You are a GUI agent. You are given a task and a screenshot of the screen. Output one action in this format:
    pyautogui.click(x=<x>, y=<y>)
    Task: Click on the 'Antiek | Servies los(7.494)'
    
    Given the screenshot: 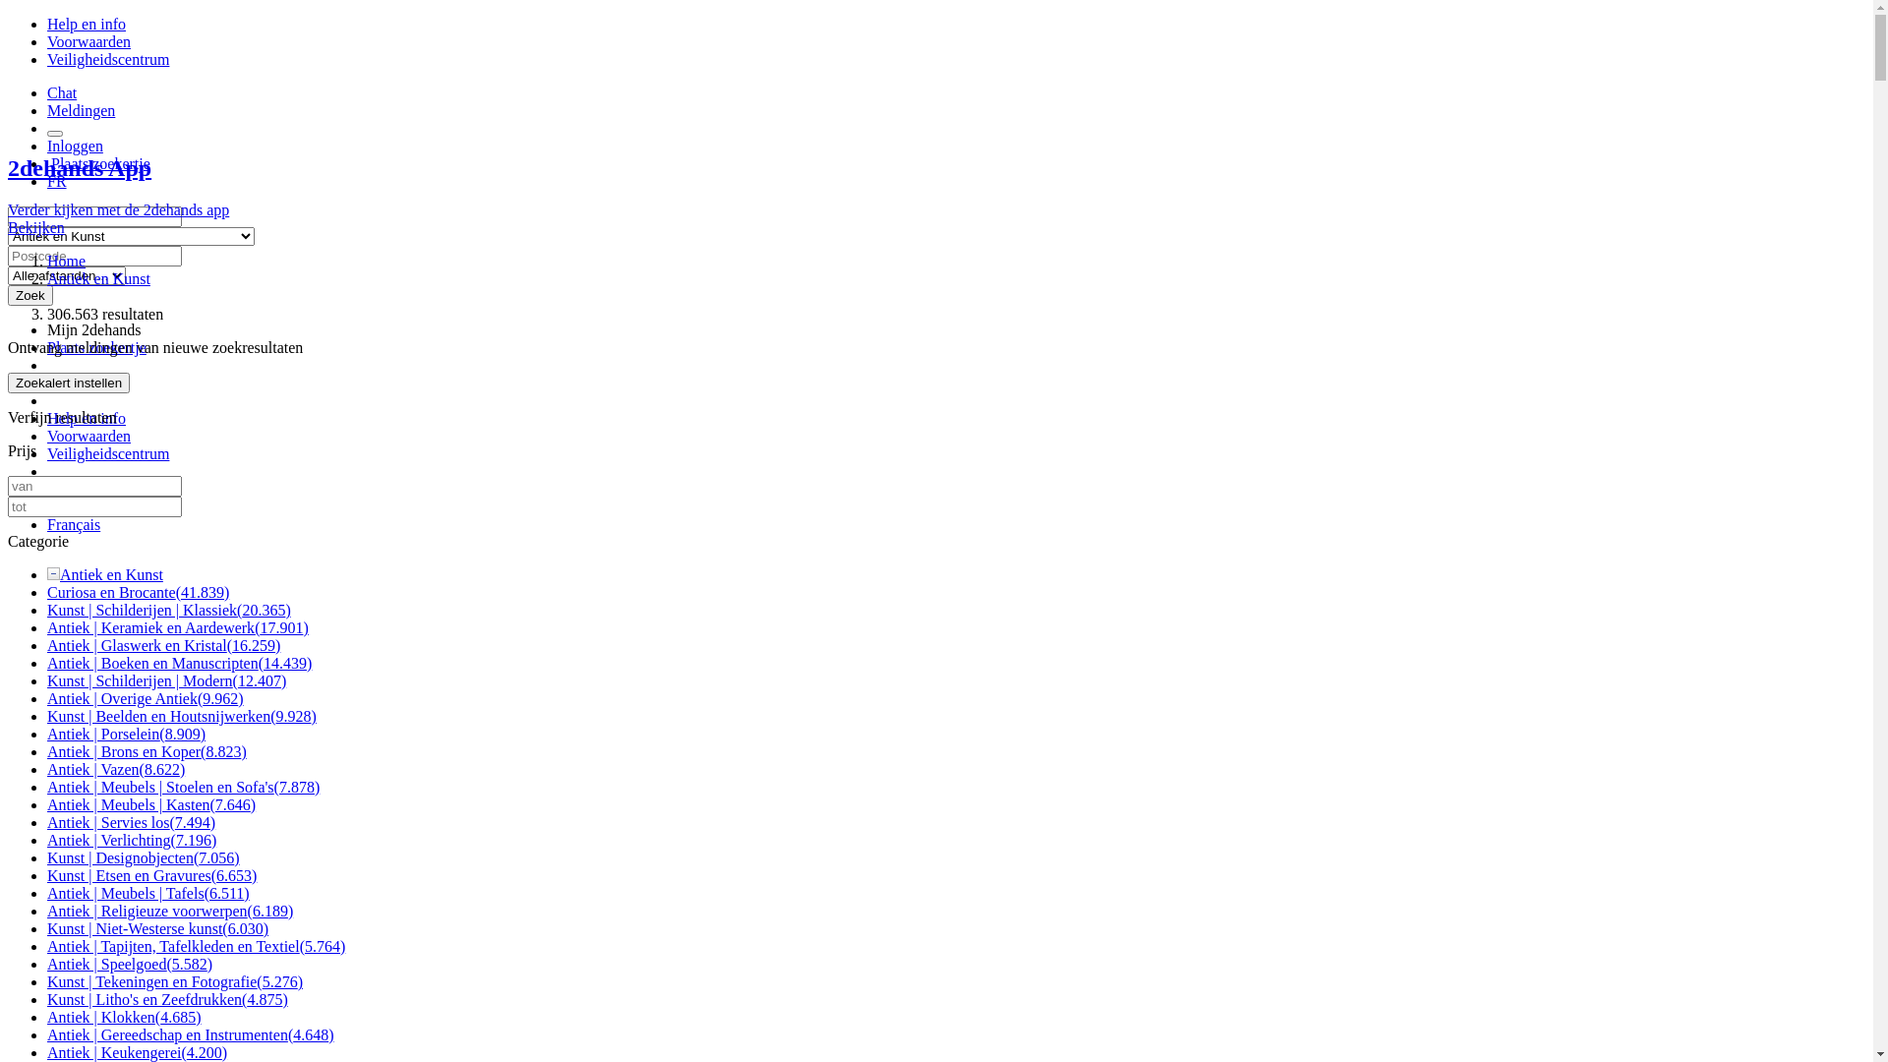 What is the action you would take?
    pyautogui.click(x=130, y=822)
    